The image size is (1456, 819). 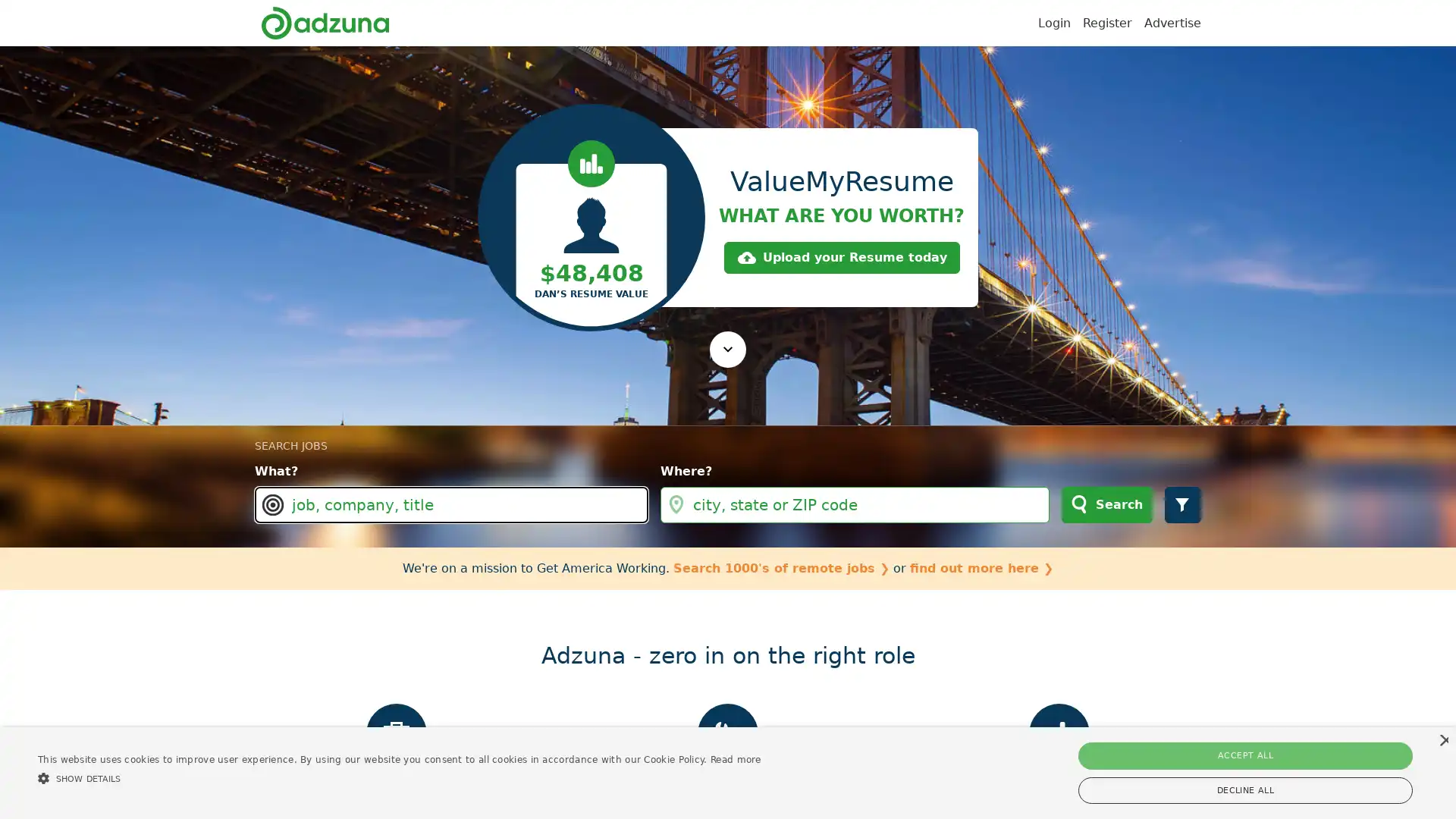 What do you see at coordinates (1442, 739) in the screenshot?
I see `Close` at bounding box center [1442, 739].